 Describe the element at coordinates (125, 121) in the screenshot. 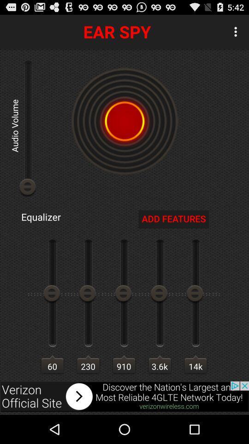

I see `turn on ear spy` at that location.